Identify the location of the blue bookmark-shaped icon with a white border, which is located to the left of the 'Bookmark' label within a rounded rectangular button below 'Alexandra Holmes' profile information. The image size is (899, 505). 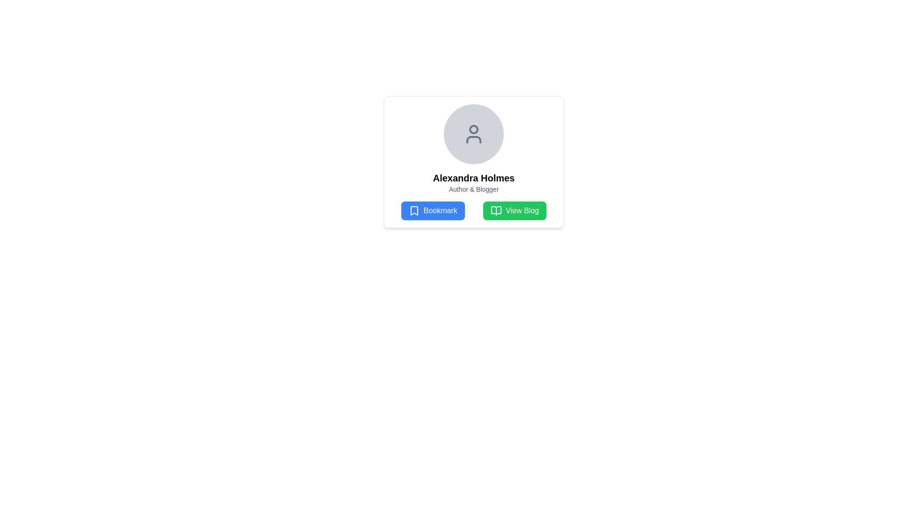
(413, 211).